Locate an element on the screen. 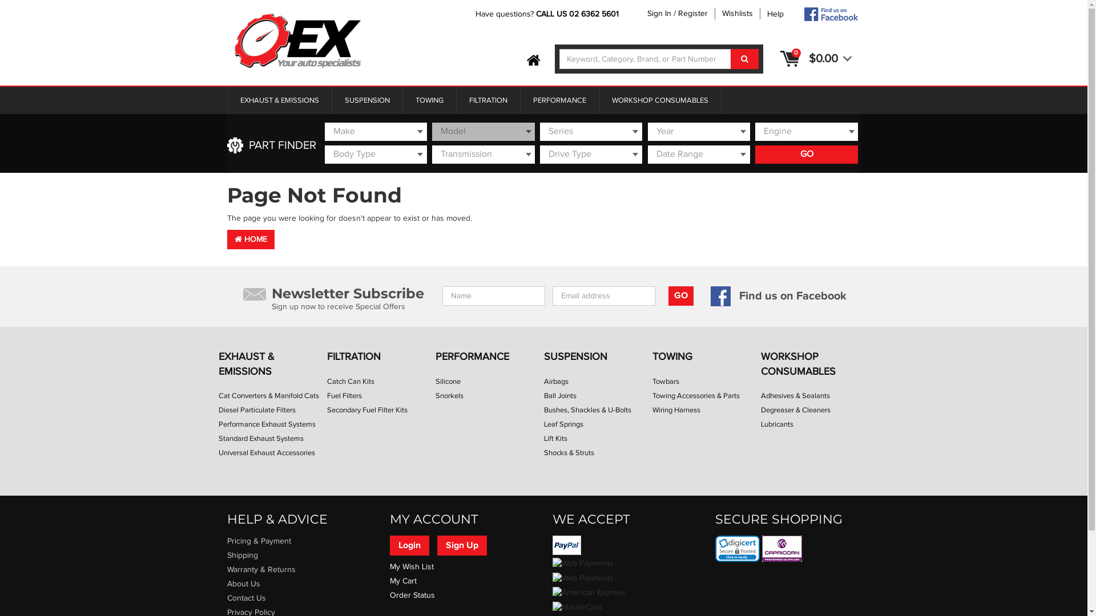  'Sign Up' is located at coordinates (437, 545).